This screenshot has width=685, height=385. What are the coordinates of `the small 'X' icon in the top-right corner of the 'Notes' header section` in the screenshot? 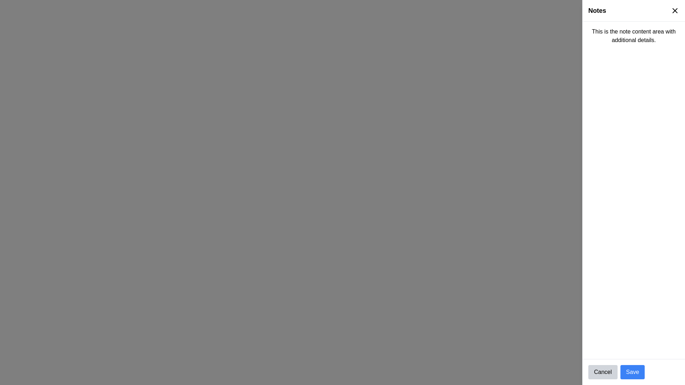 It's located at (674, 11).